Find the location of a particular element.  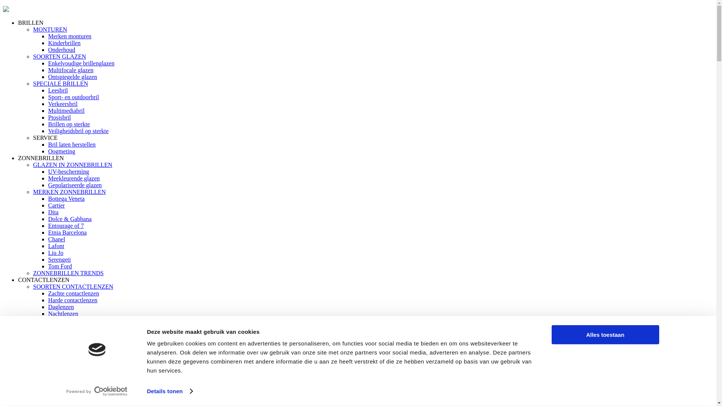

'Nachtlenzen' is located at coordinates (63, 314).